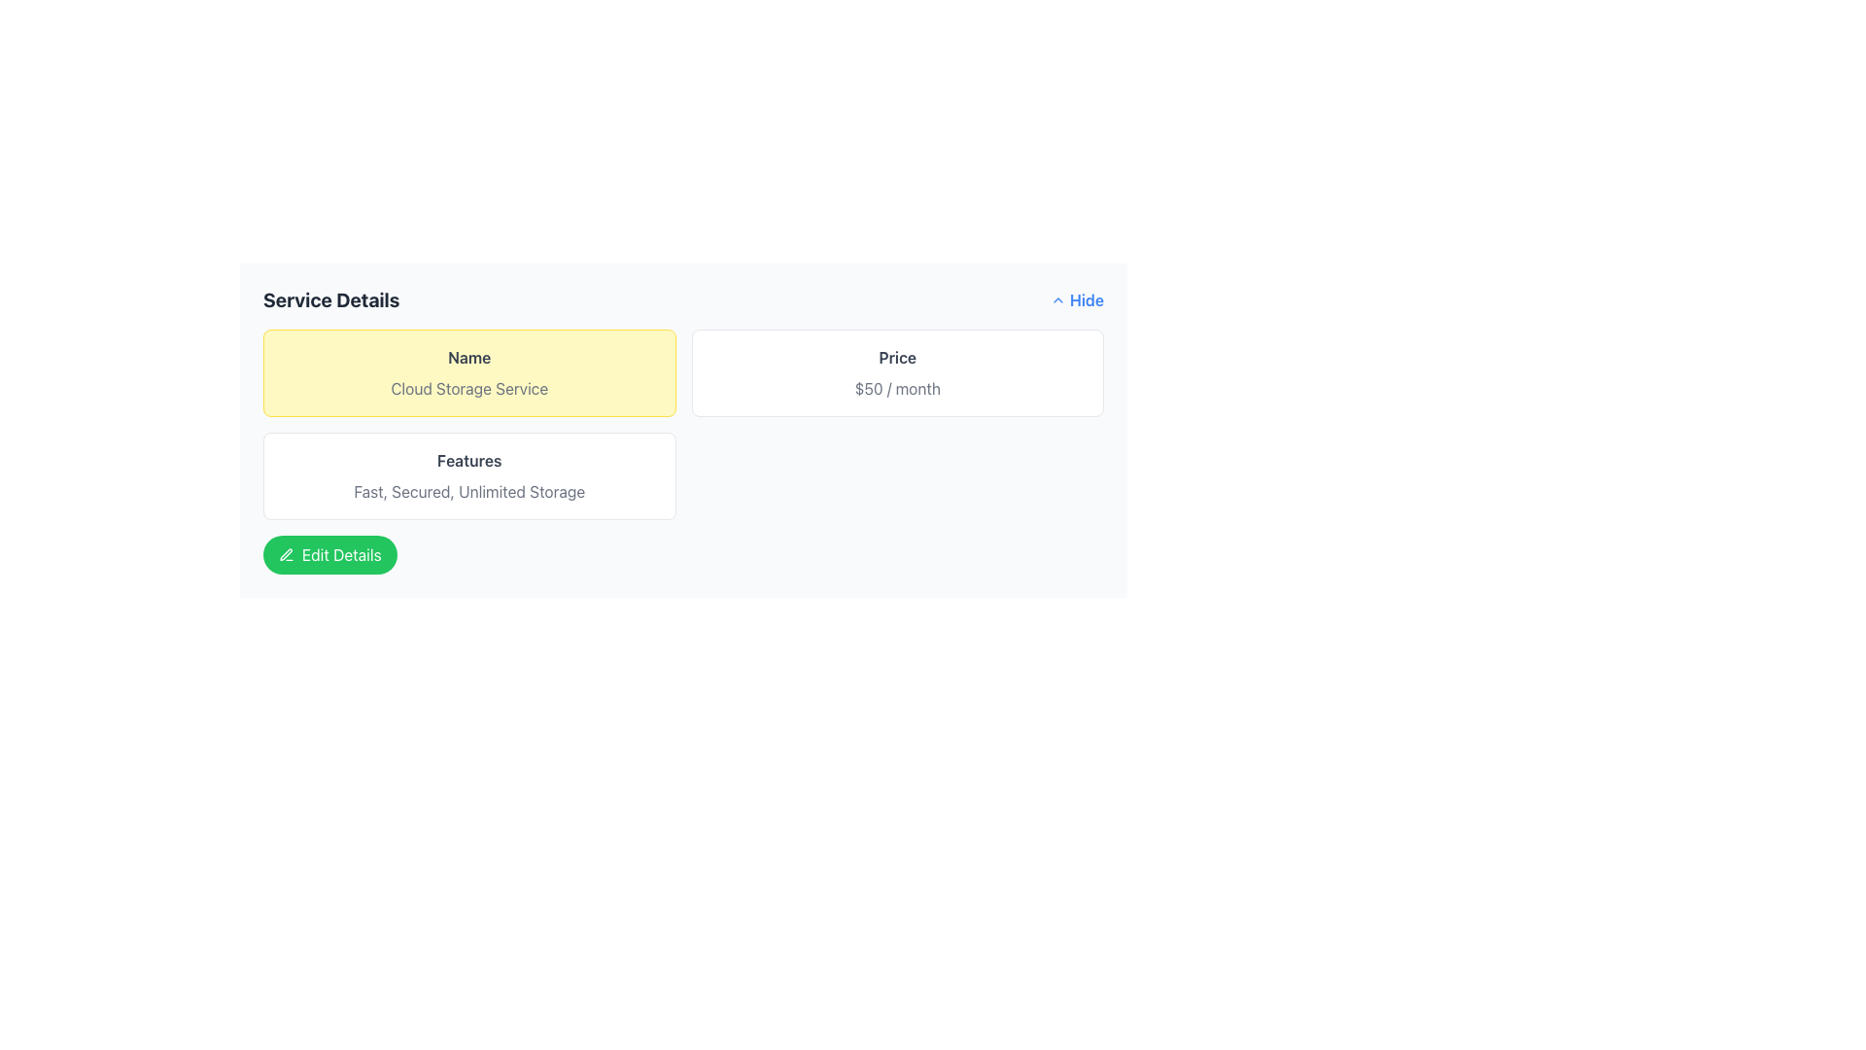 This screenshot has width=1866, height=1050. What do you see at coordinates (896, 357) in the screenshot?
I see `the static text label that serves as a heading for the pricing information, indicating the price of '$50 / month'` at bounding box center [896, 357].